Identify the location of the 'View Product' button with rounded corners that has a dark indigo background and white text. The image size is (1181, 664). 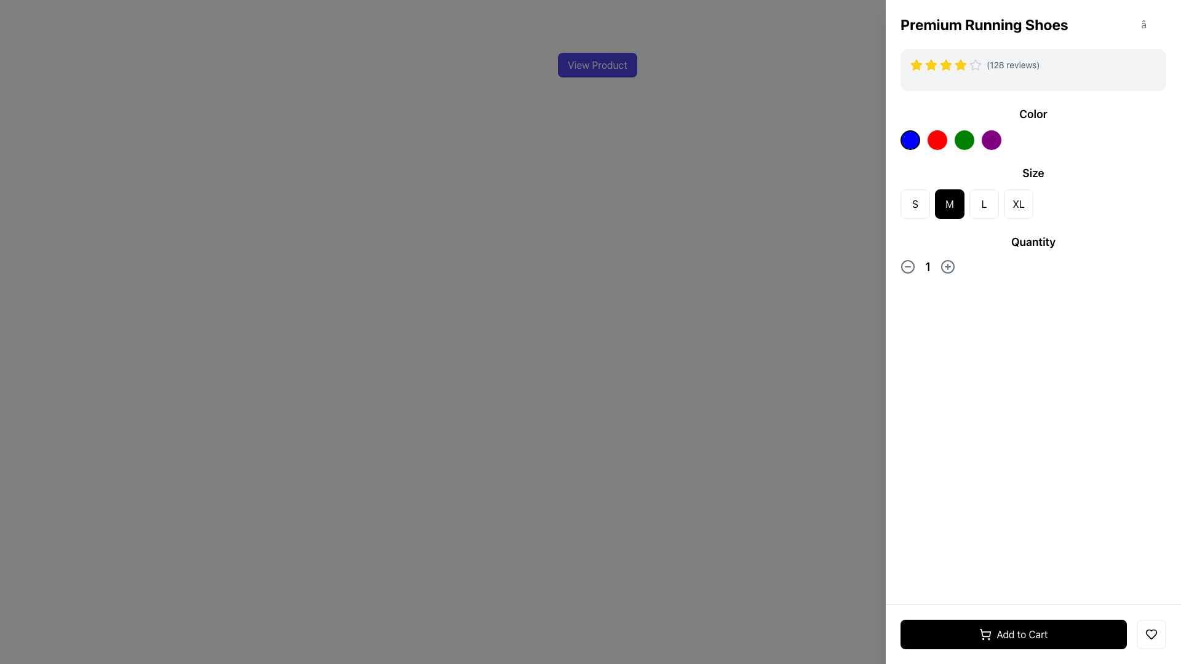
(597, 65).